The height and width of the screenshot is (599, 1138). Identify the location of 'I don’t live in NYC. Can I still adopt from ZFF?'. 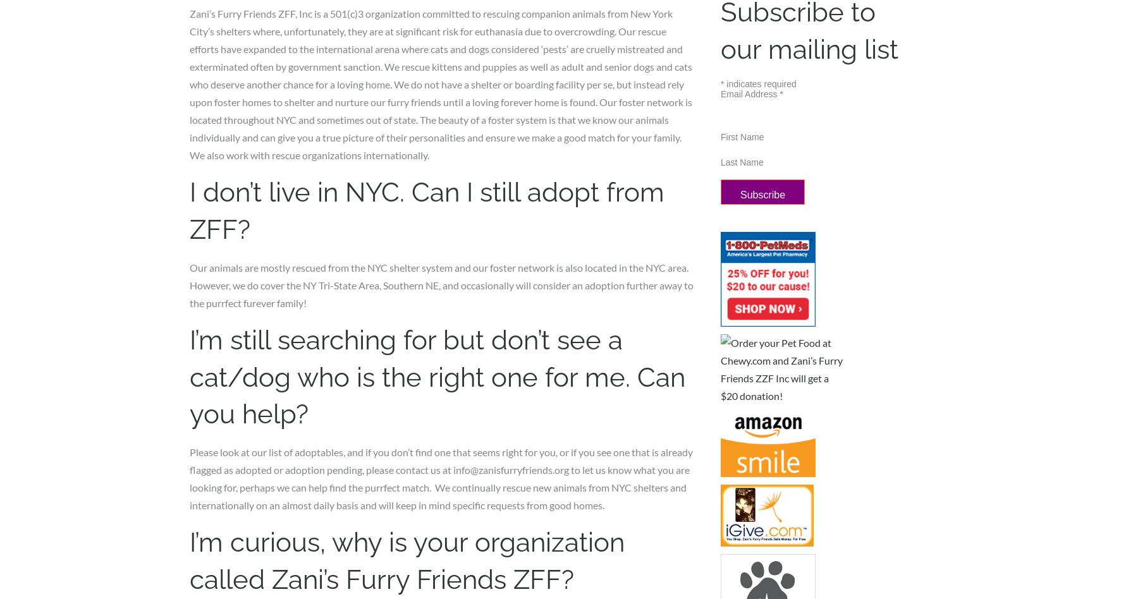
(427, 210).